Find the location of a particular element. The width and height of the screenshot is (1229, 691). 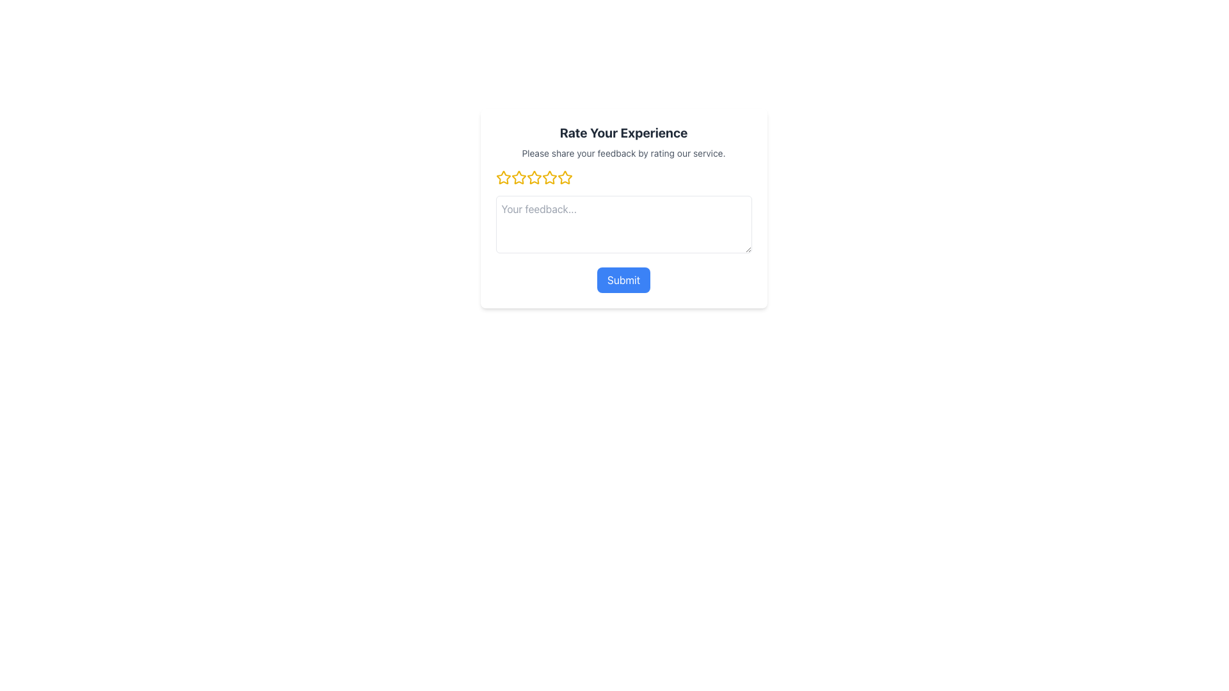

the fourth star button used for rating a service or product, positioned above the text area and the Submit button is located at coordinates (549, 177).